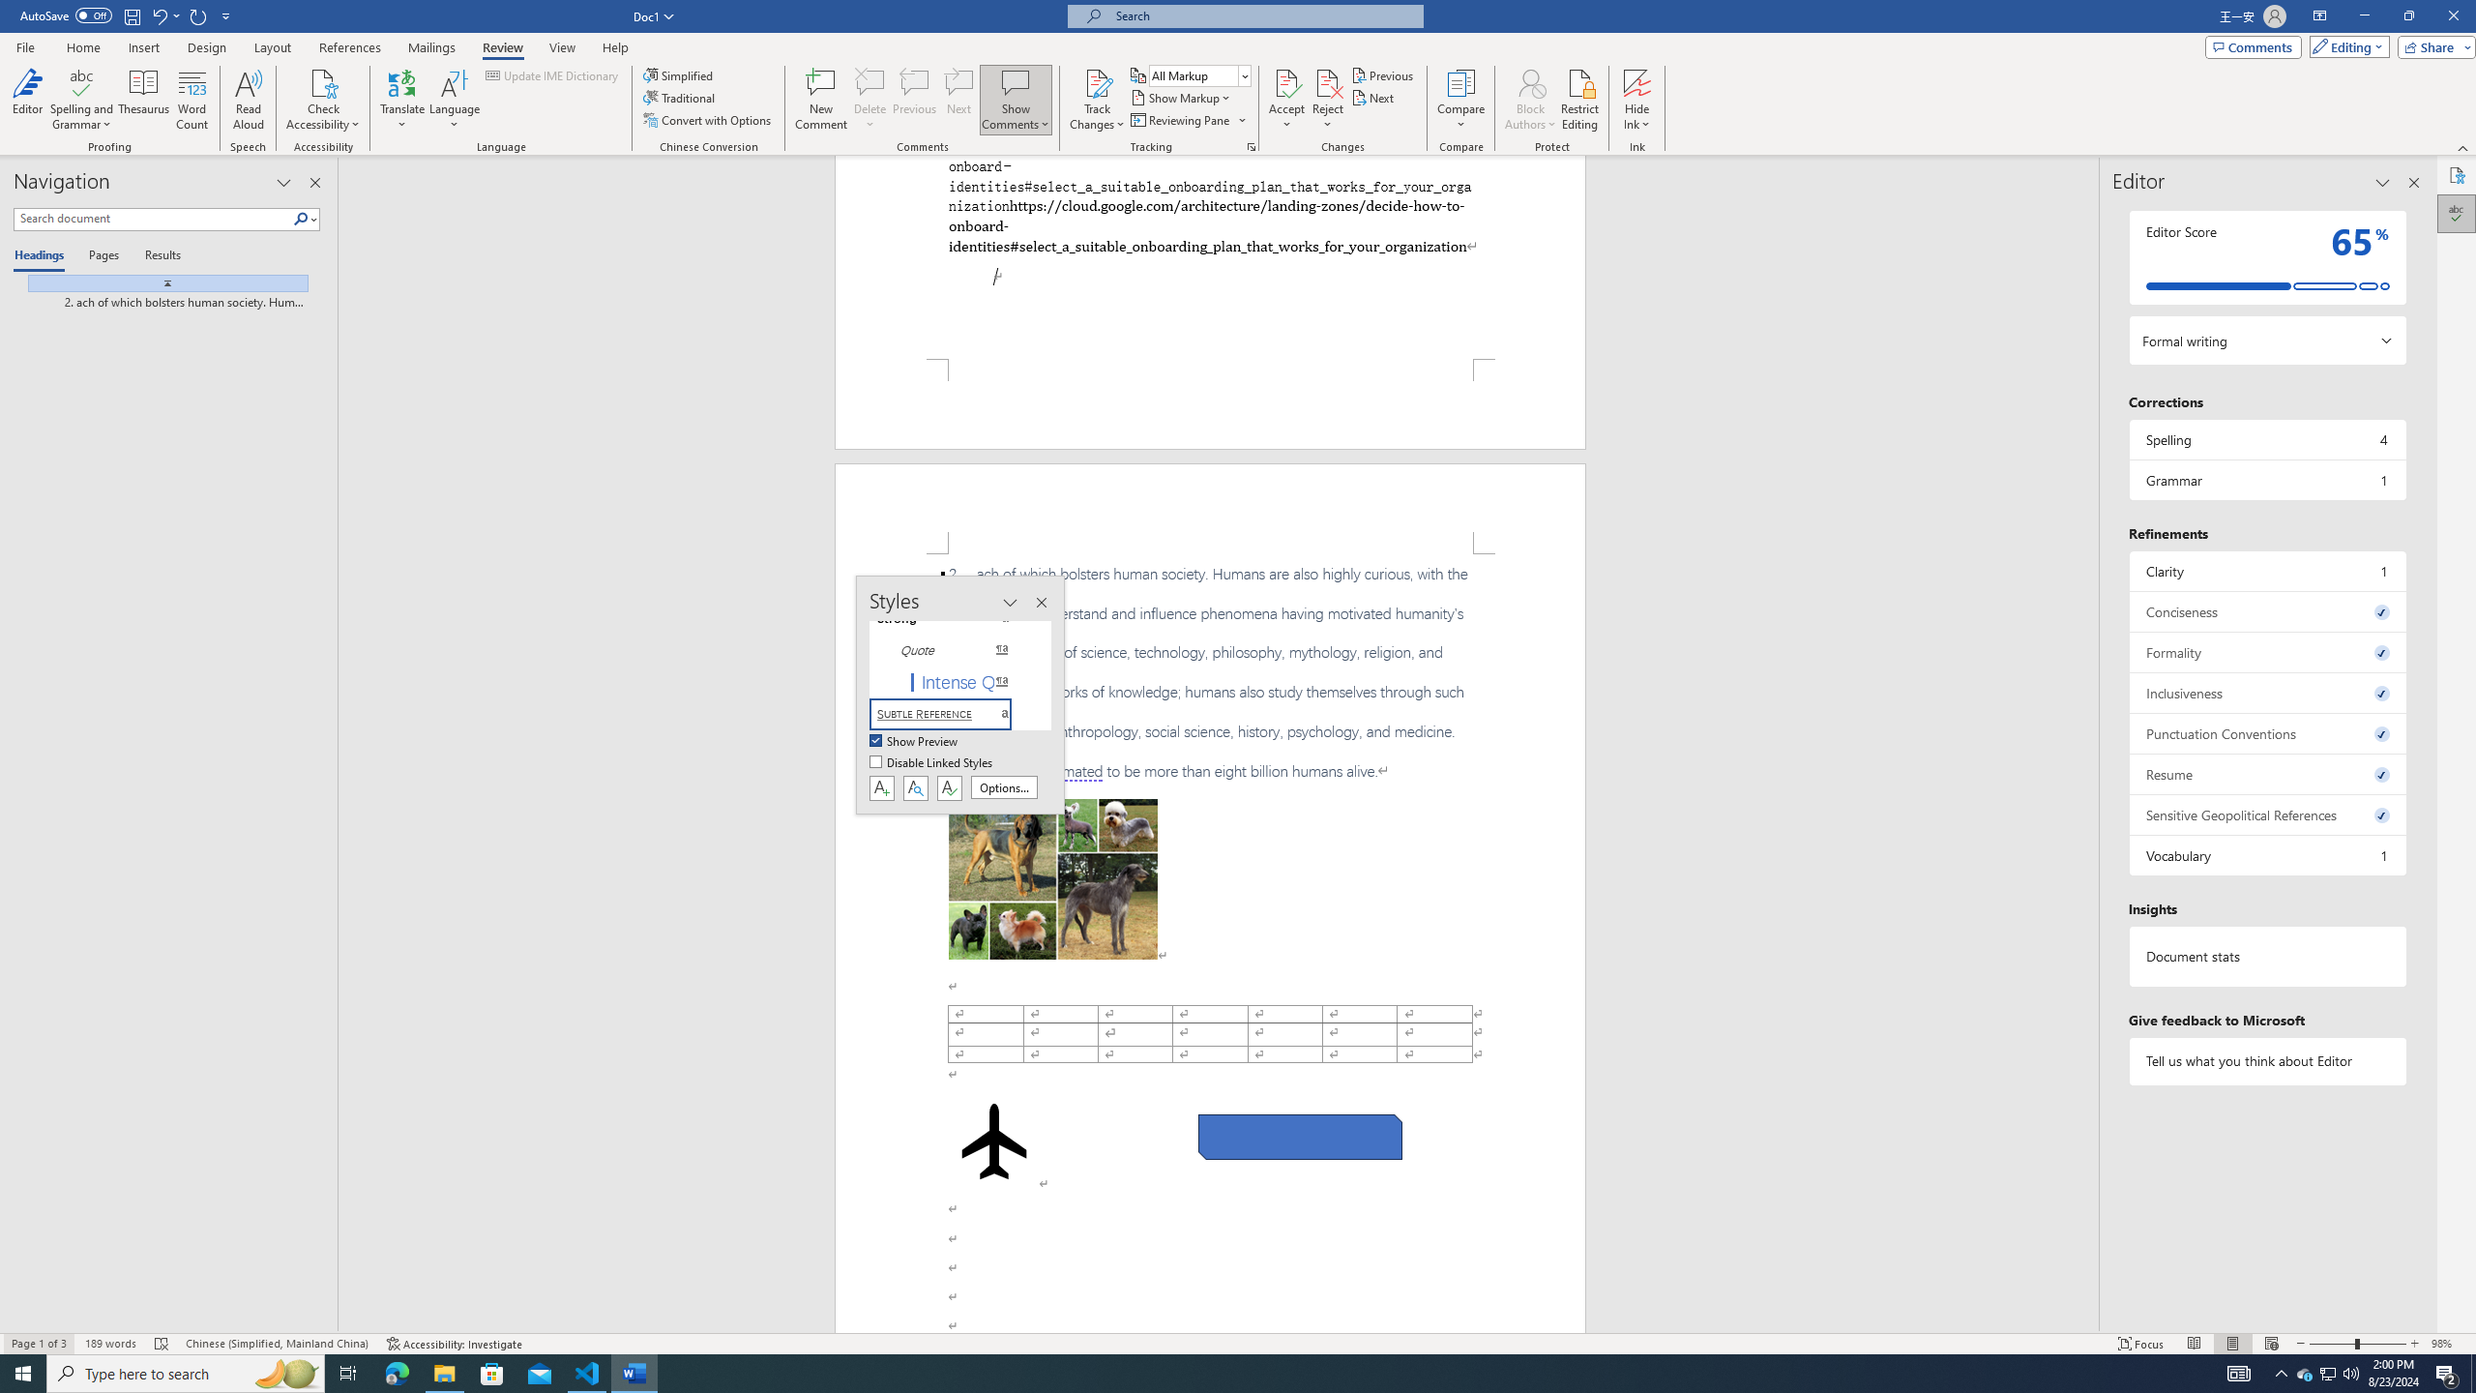  Describe the element at coordinates (153, 218) in the screenshot. I see `'Search document'` at that location.